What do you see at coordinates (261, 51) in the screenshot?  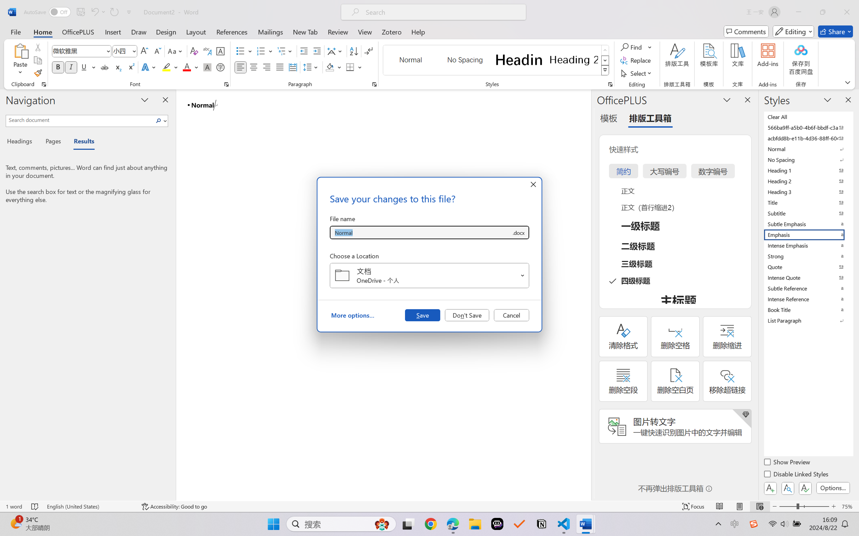 I see `'Numbering'` at bounding box center [261, 51].